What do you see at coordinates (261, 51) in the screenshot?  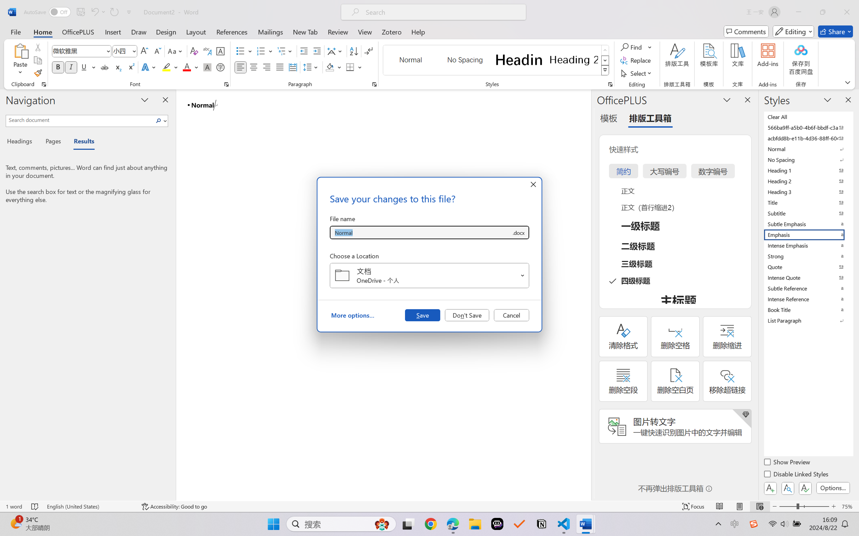 I see `'Numbering'` at bounding box center [261, 51].